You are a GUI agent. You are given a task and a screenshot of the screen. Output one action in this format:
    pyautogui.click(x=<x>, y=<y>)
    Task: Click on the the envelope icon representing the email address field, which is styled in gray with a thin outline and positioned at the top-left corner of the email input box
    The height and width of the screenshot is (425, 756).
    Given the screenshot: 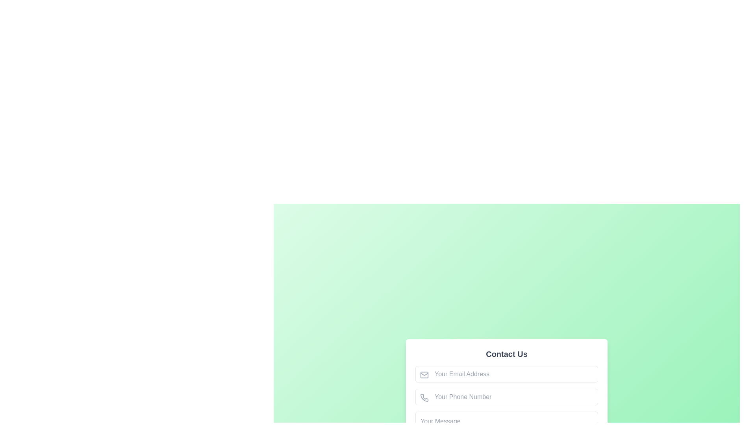 What is the action you would take?
    pyautogui.click(x=424, y=374)
    